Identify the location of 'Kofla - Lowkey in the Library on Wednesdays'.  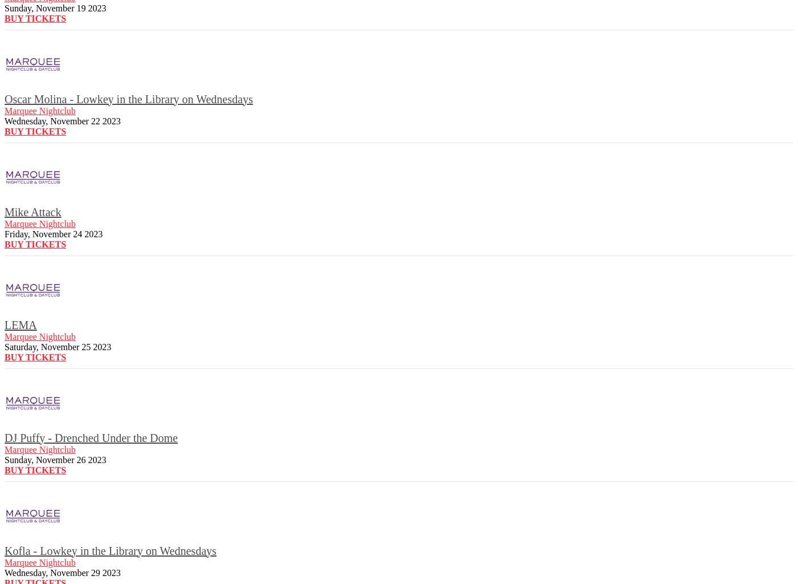
(109, 550).